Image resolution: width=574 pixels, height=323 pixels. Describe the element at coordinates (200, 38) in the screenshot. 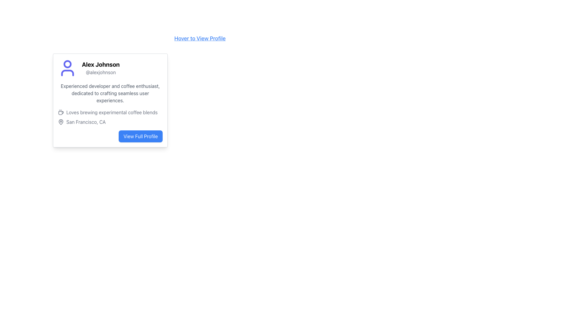

I see `the Text Link that reveals the user profile card when hovered over, located at the top center of the interface` at that location.